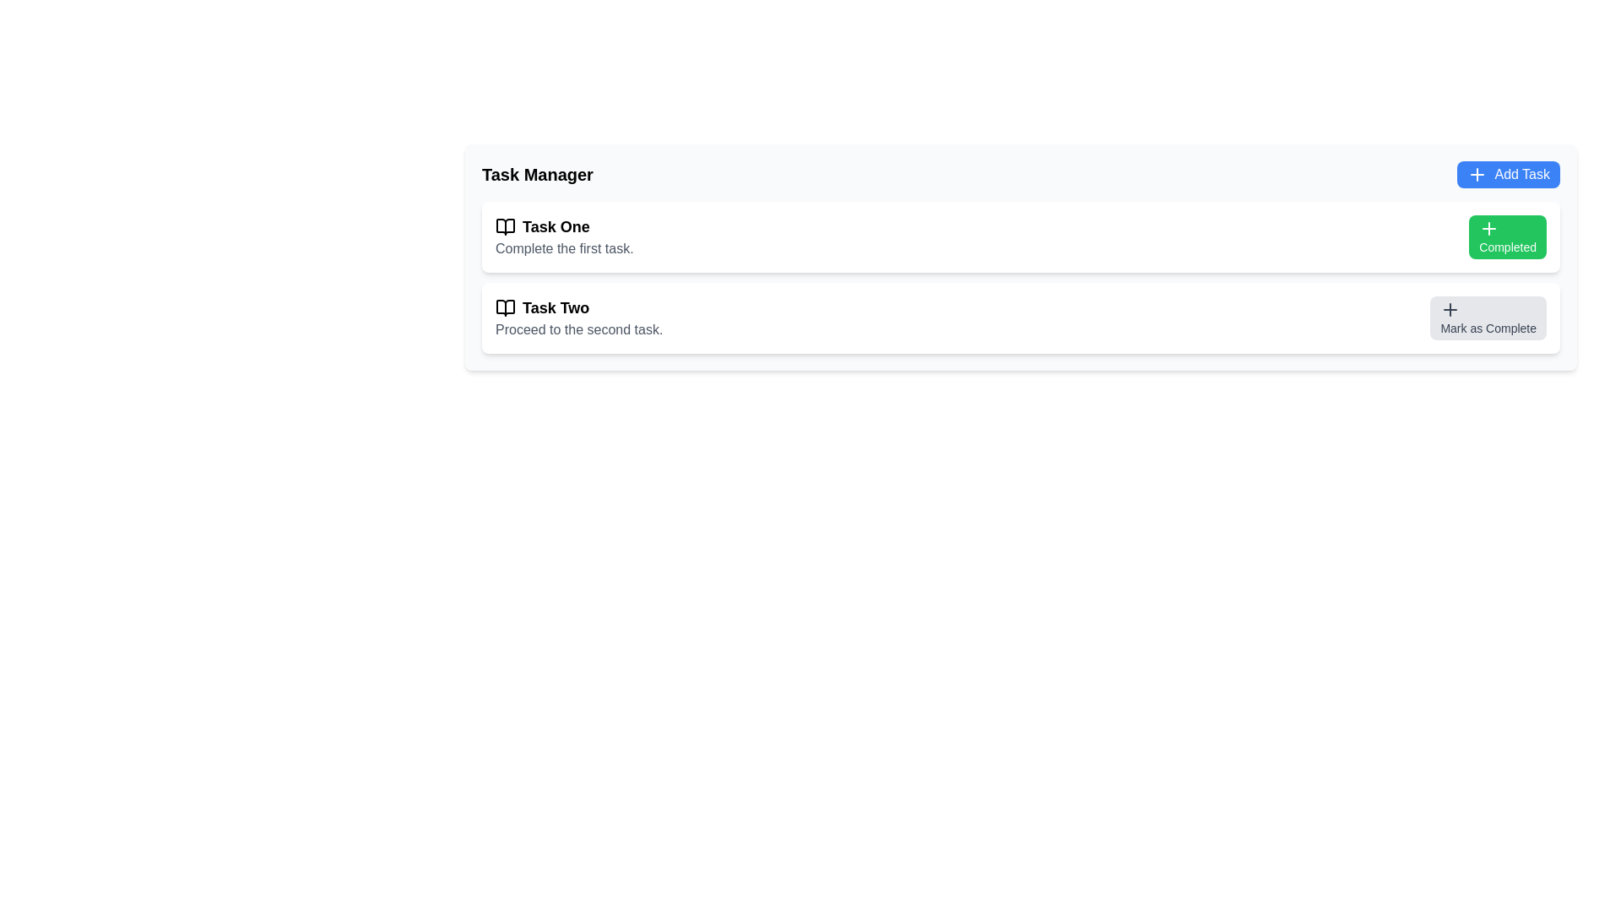 The height and width of the screenshot is (912, 1621). I want to click on the task description box labeled 'Task One', which is the first item in a vertical list of tasks located in the upper section of the interface, so click(564, 237).